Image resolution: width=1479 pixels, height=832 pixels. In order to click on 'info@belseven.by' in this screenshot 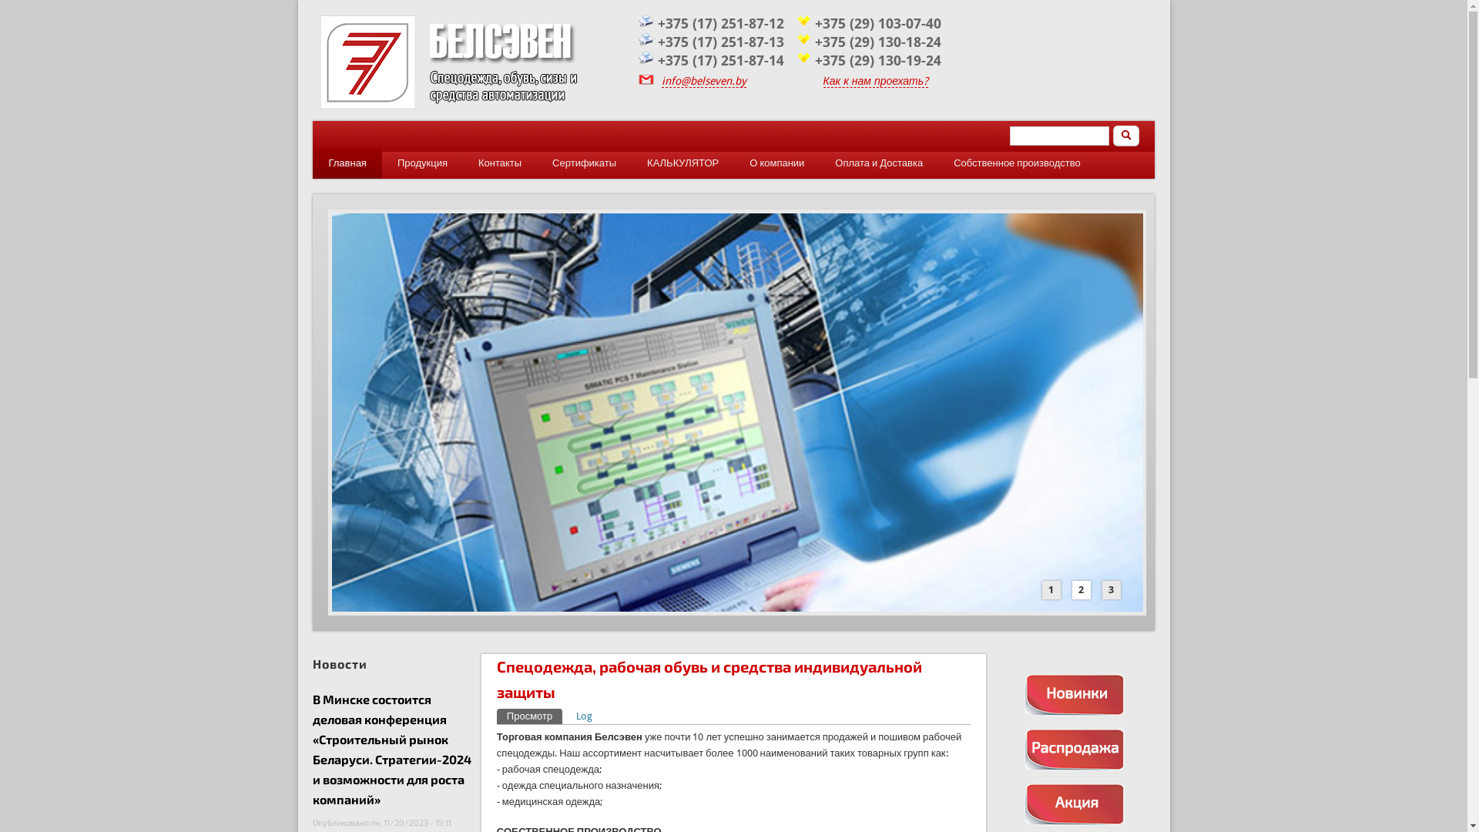, I will do `click(703, 81)`.